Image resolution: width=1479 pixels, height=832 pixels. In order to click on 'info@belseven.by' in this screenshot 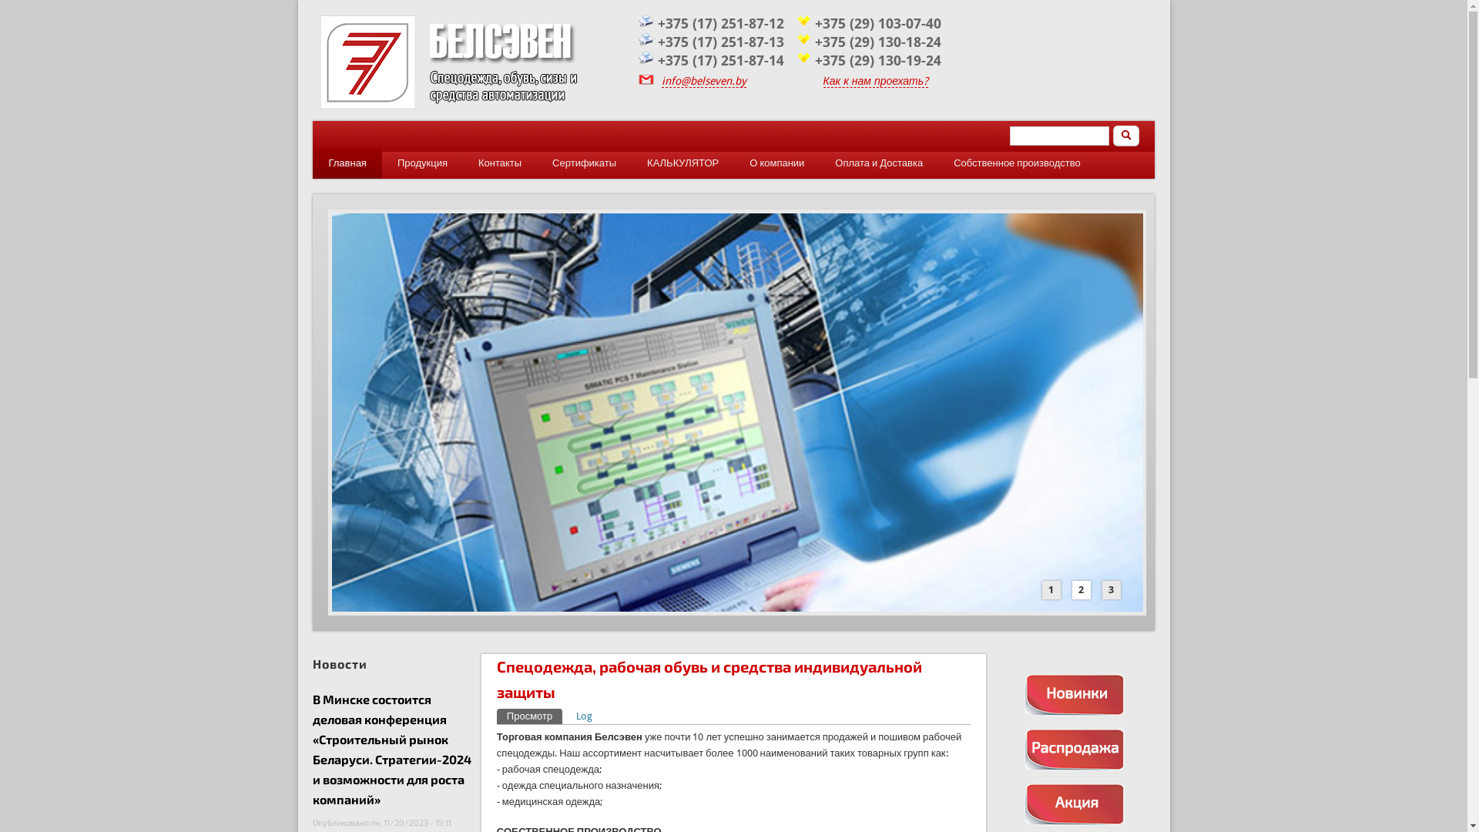, I will do `click(703, 81)`.